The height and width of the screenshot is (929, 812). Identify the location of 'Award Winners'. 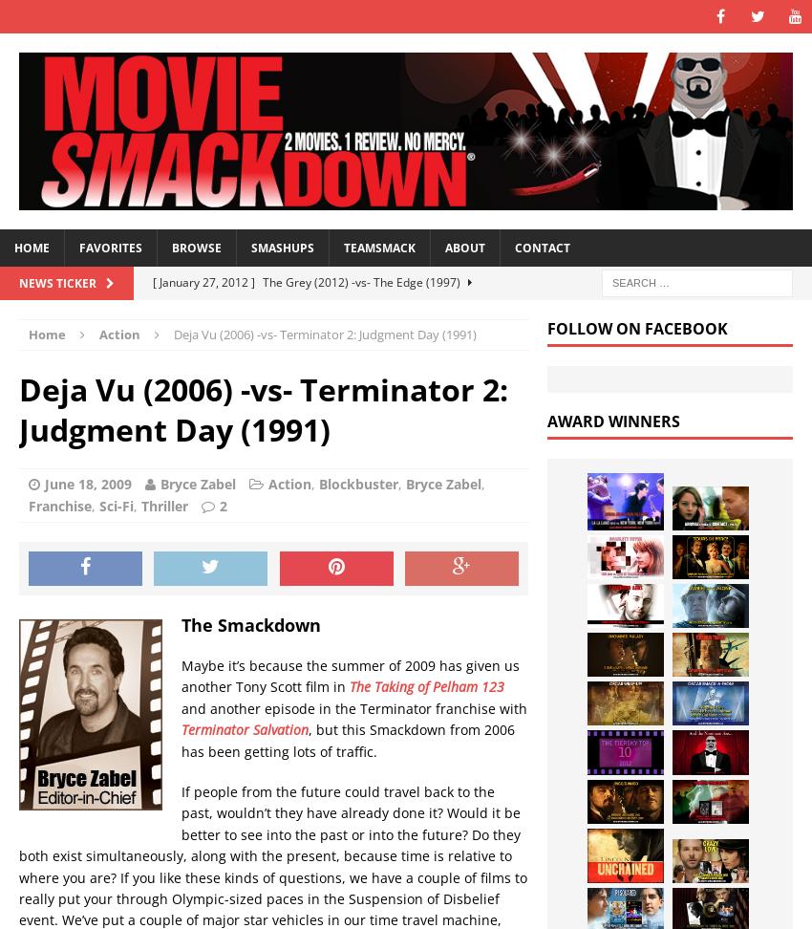
(613, 420).